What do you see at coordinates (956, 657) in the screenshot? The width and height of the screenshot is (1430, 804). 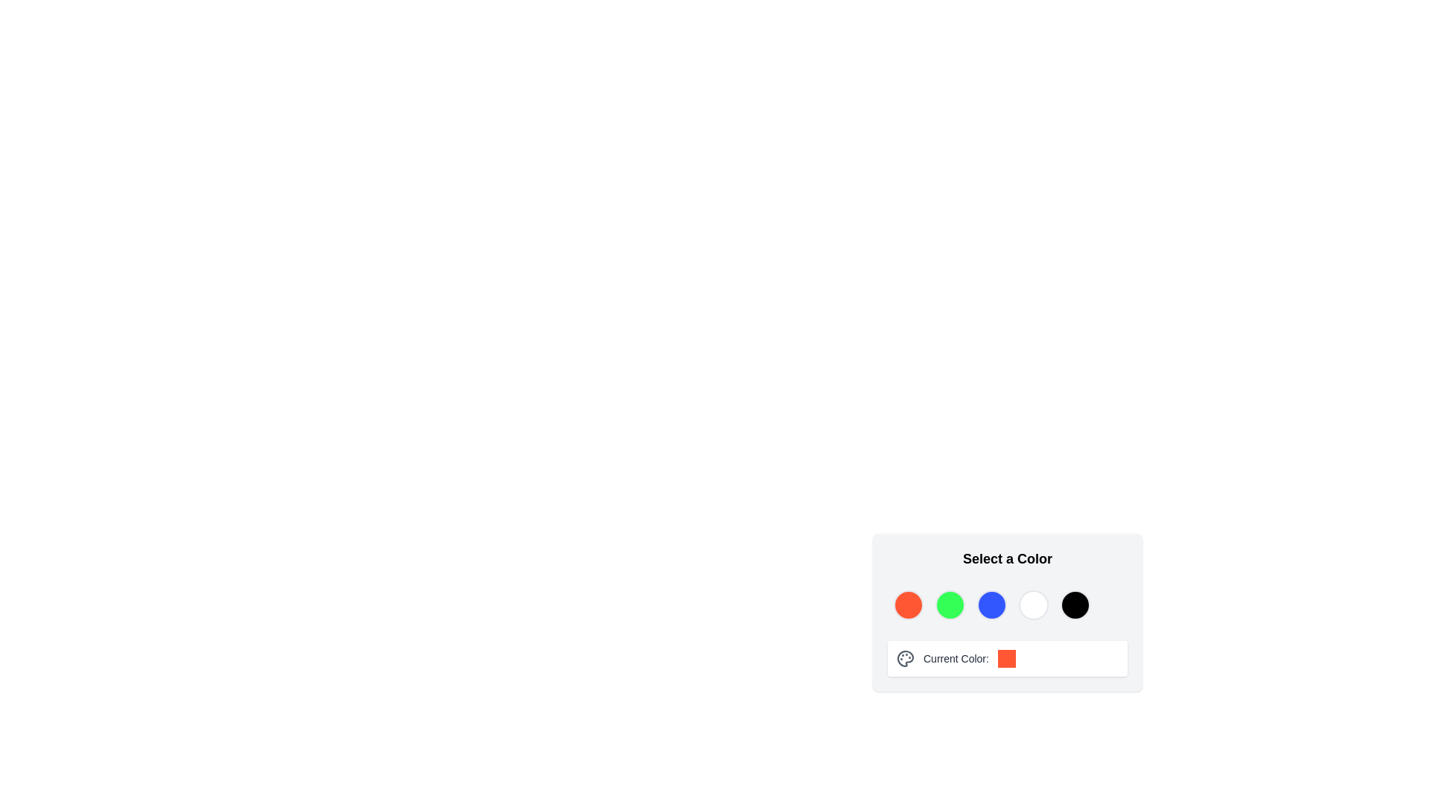 I see `text of the label that displays 'Current Color:', which informs users about the currently selected or active color` at bounding box center [956, 657].